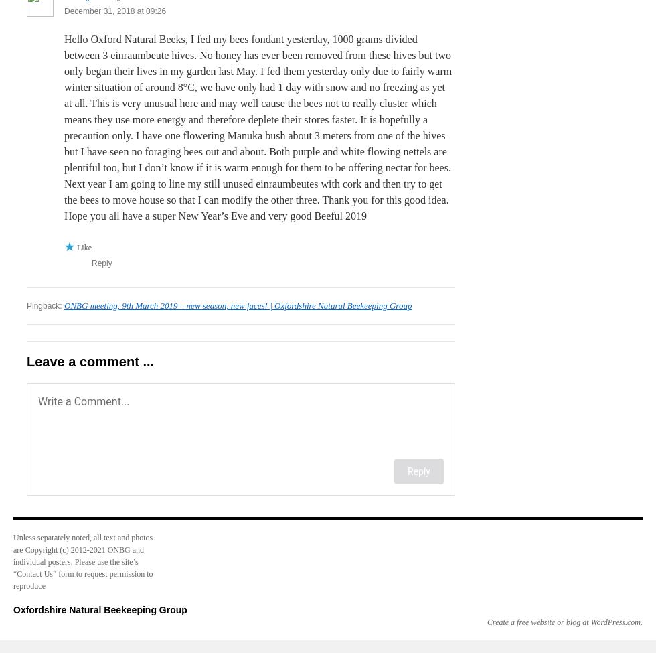 The image size is (656, 653). I want to click on 'Hope you all have a super New Year’s Eve and very good Beeful 2019', so click(216, 215).